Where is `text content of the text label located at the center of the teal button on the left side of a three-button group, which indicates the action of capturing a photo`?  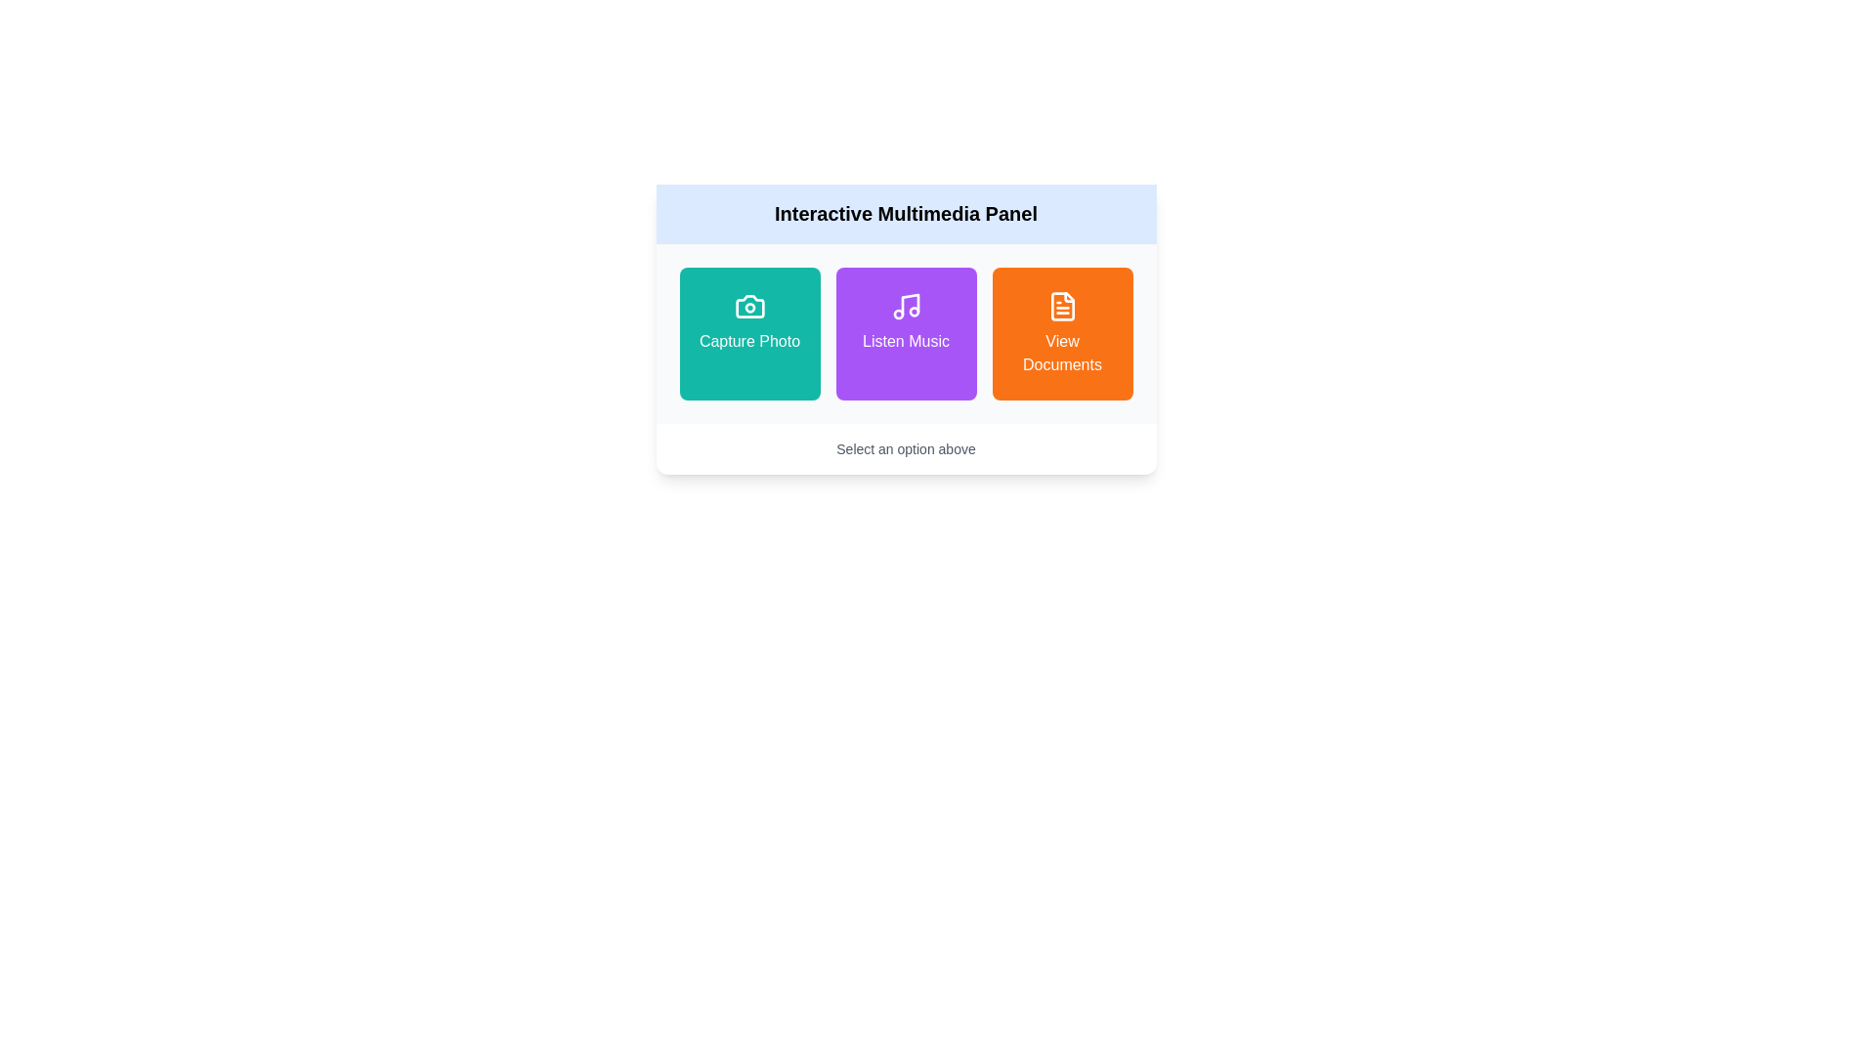
text content of the text label located at the center of the teal button on the left side of a three-button group, which indicates the action of capturing a photo is located at coordinates (748, 341).